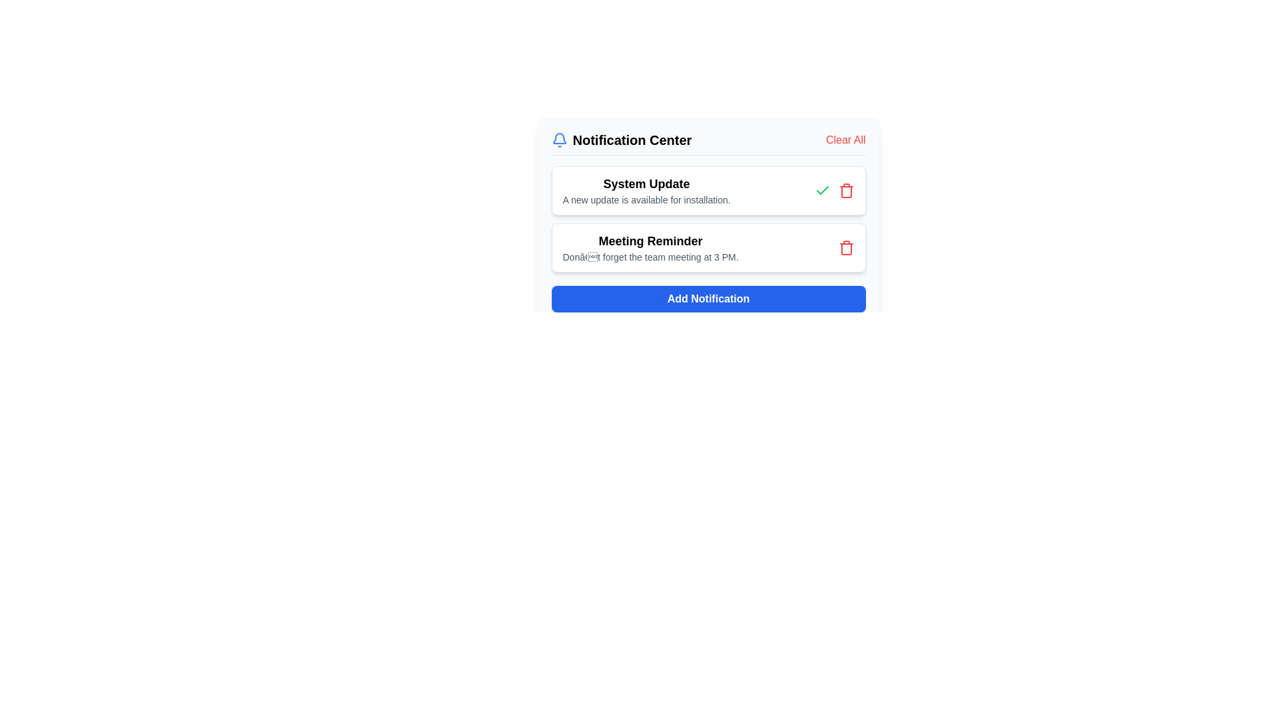  What do you see at coordinates (708, 143) in the screenshot?
I see `the title of the notification center by clicking on the header element that spans the top of the notification panel` at bounding box center [708, 143].